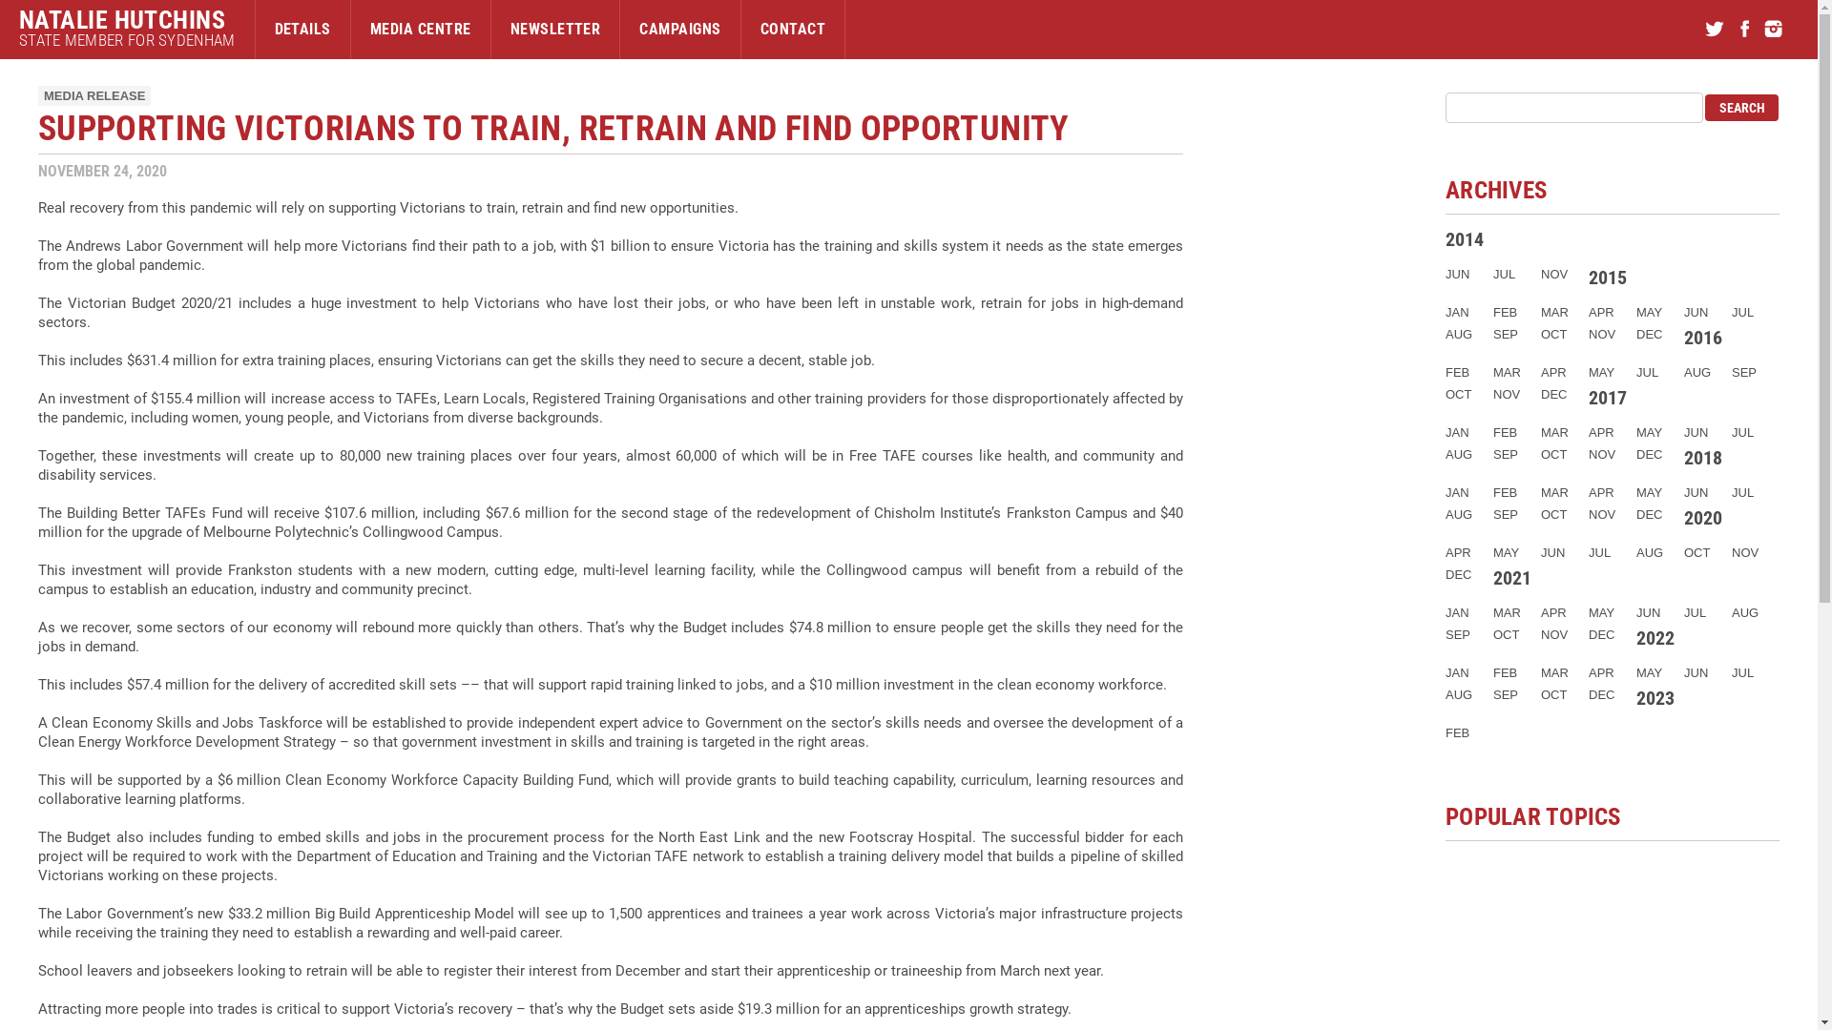  What do you see at coordinates (1446, 274) in the screenshot?
I see `'JUN'` at bounding box center [1446, 274].